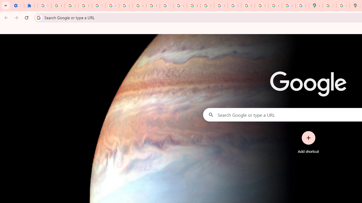  I want to click on 'Sign in - Google Accounts', so click(44, 6).